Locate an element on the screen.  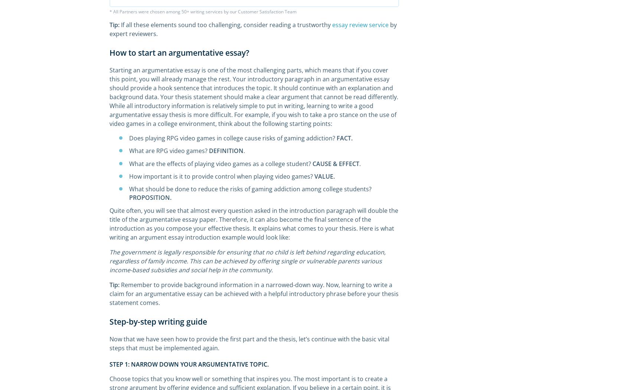
'Quite often, you will see that almost every question asked in the introduction paragraph will double the title of the argumentative essay paper. Therefore, it can also become the final sentence of the introduction as you compose your effective thesis. It explains what comes to your thesis. Here is what writing an argument essay introduction example would look like:' is located at coordinates (254, 224).